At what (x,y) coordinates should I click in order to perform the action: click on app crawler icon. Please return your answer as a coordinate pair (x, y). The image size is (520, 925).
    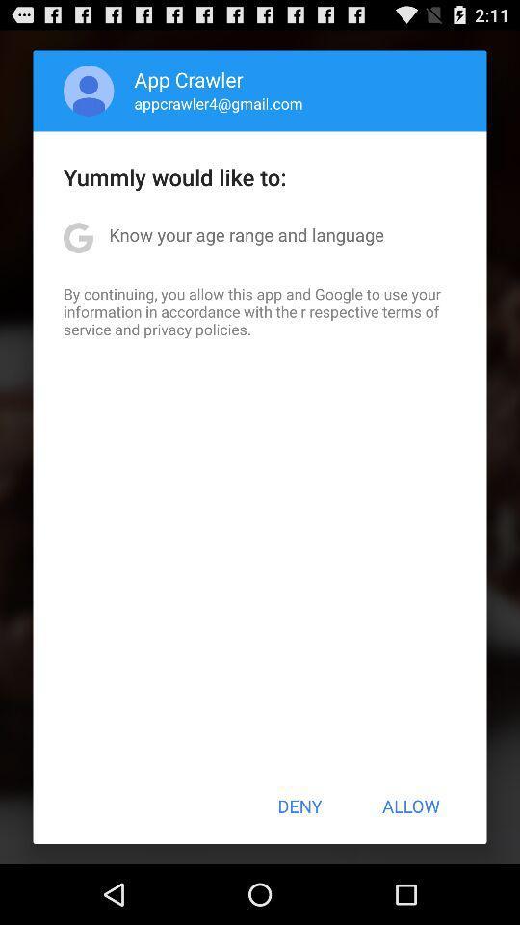
    Looking at the image, I should click on (189, 79).